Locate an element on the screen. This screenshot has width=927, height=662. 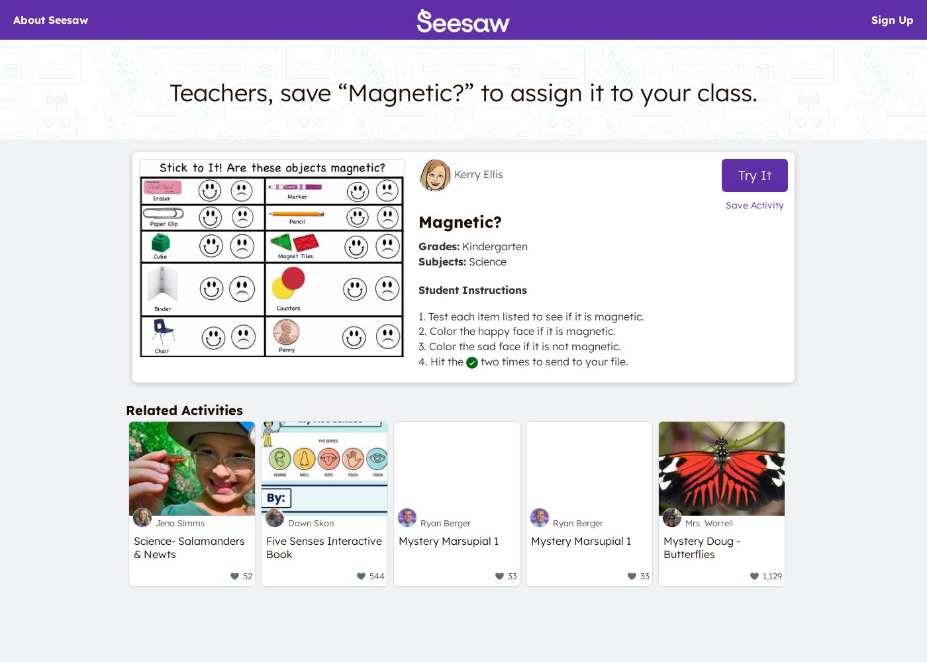
'Related Activities' is located at coordinates (184, 408).